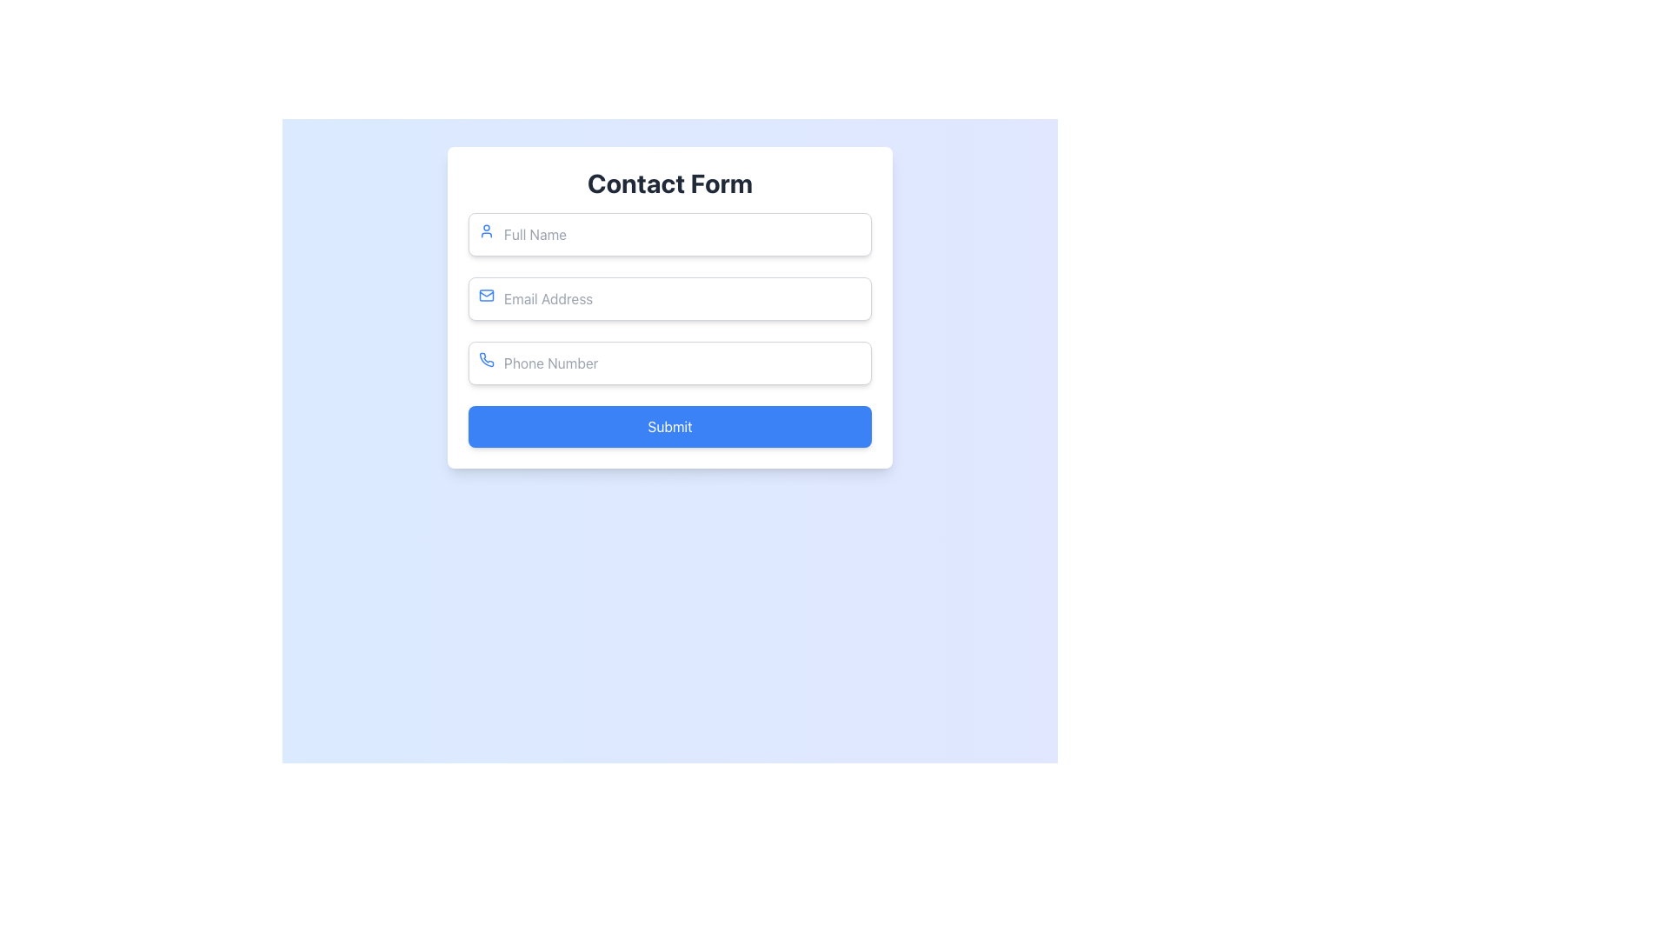 This screenshot has width=1669, height=939. I want to click on the decorative phone icon located in the top-left corner of the 'Phone Number' input field in the contact form interface, so click(487, 358).